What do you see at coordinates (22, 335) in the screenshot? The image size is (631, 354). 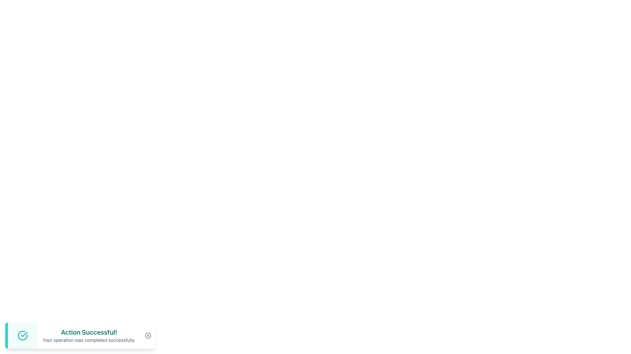 I see `the status indicator icon located in the bottom-left corner of the notification box` at bounding box center [22, 335].